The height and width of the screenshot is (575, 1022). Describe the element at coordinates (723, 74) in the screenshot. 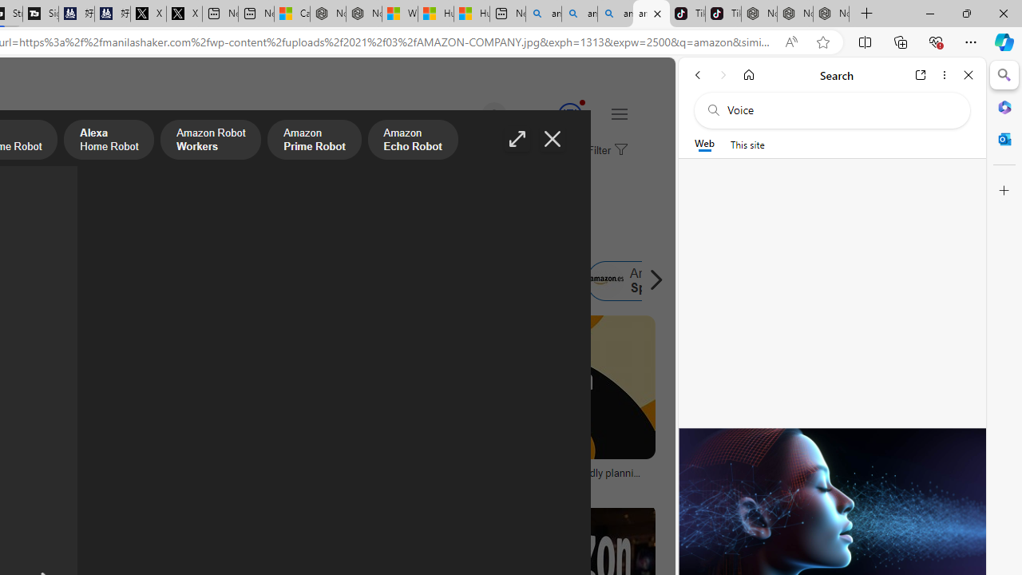

I see `'Forward'` at that location.